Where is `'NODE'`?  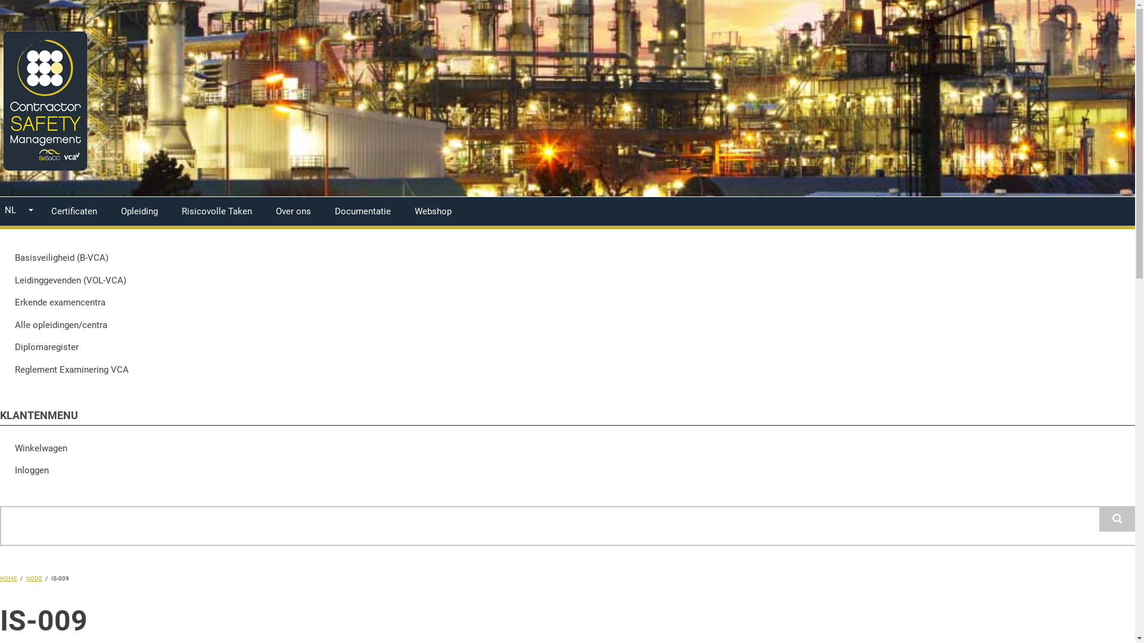 'NODE' is located at coordinates (34, 578).